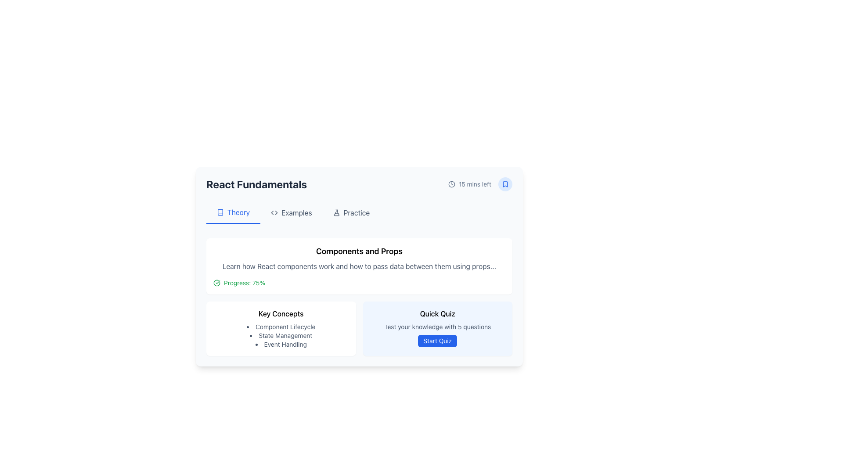  Describe the element at coordinates (296, 213) in the screenshot. I see `the text label button located in the central section of the top navigation bar of the 'React Fundamentals' interface` at that location.